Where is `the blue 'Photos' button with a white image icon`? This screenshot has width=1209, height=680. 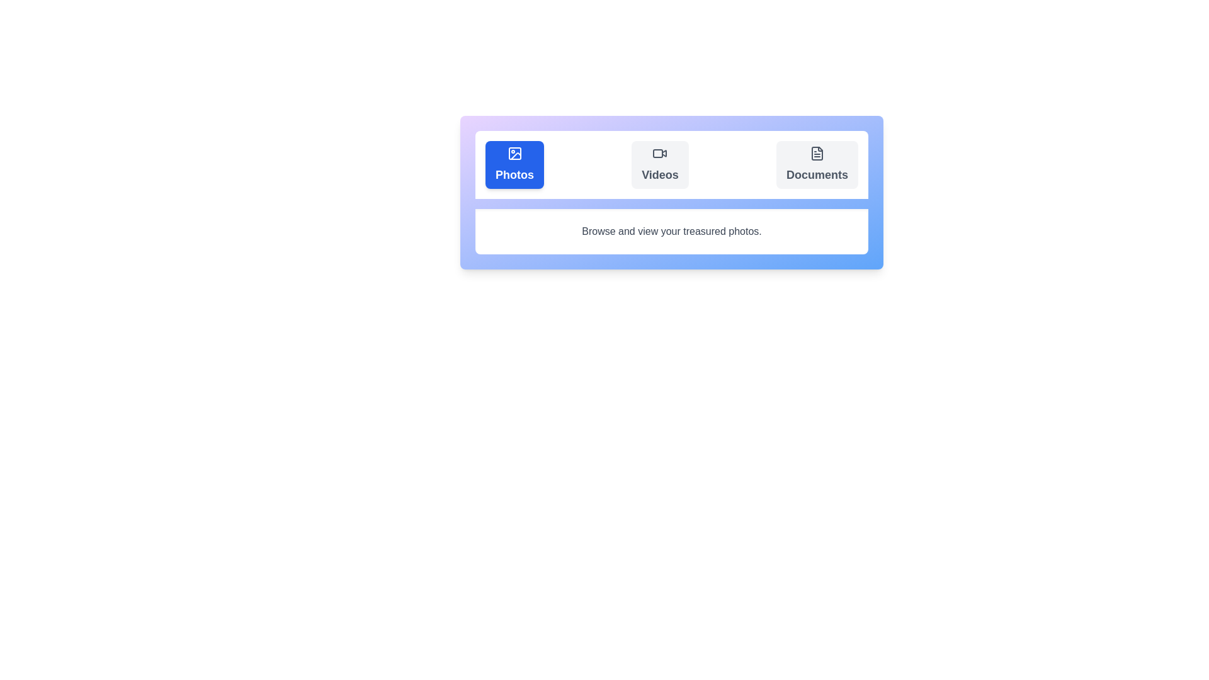
the blue 'Photos' button with a white image icon is located at coordinates (514, 164).